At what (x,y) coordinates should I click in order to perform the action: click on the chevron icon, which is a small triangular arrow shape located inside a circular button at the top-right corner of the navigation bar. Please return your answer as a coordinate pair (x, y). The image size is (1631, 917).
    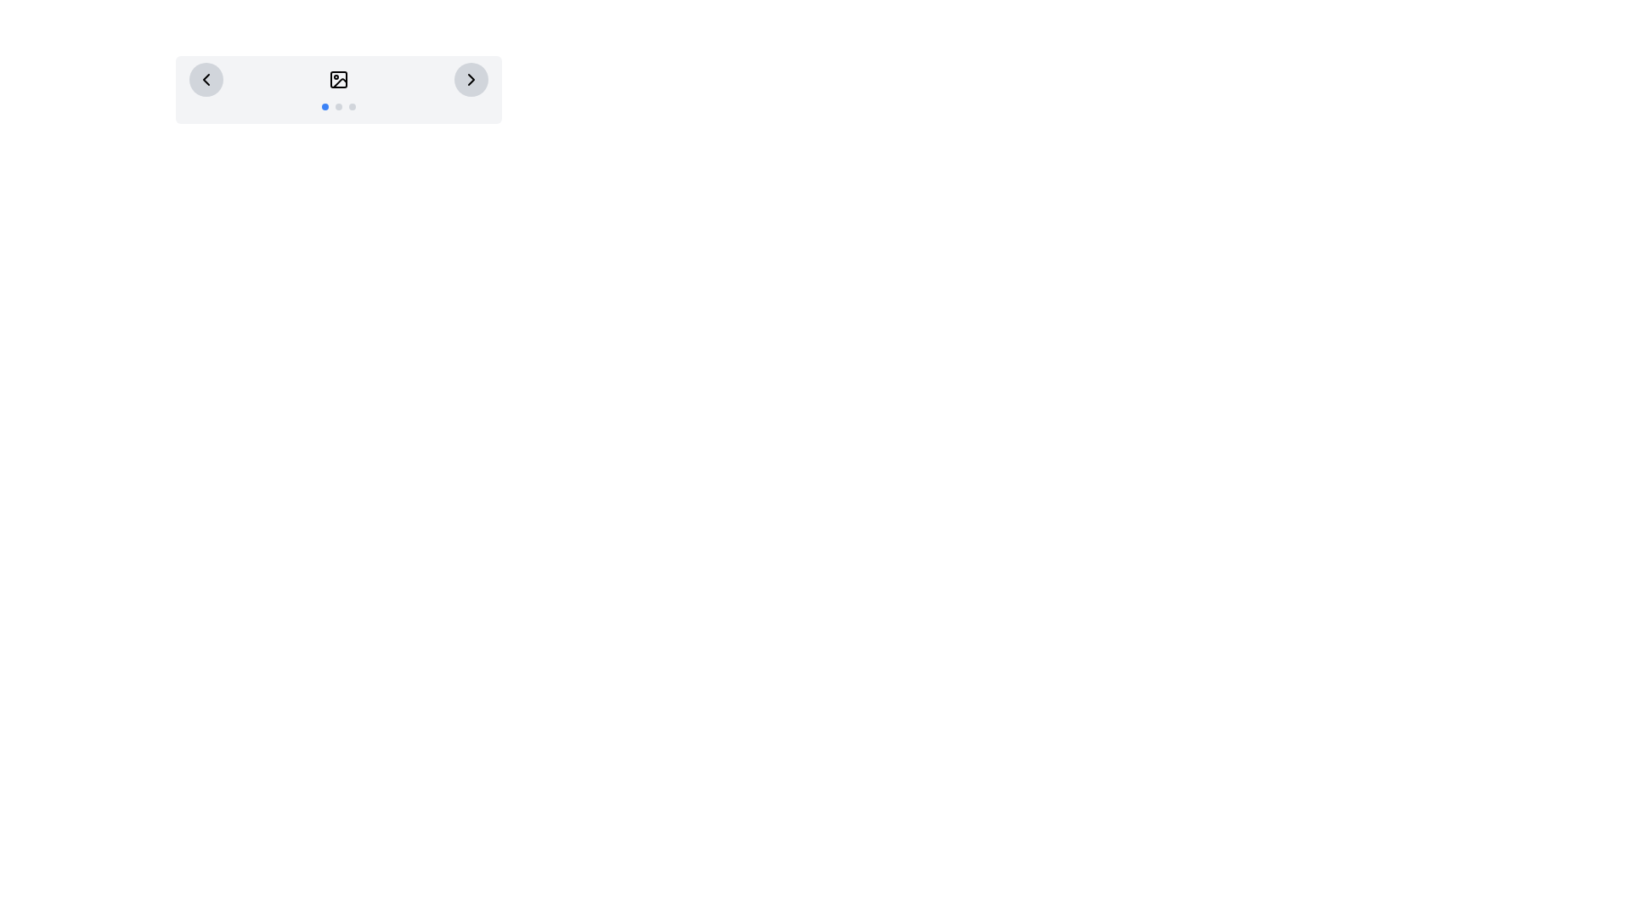
    Looking at the image, I should click on (471, 79).